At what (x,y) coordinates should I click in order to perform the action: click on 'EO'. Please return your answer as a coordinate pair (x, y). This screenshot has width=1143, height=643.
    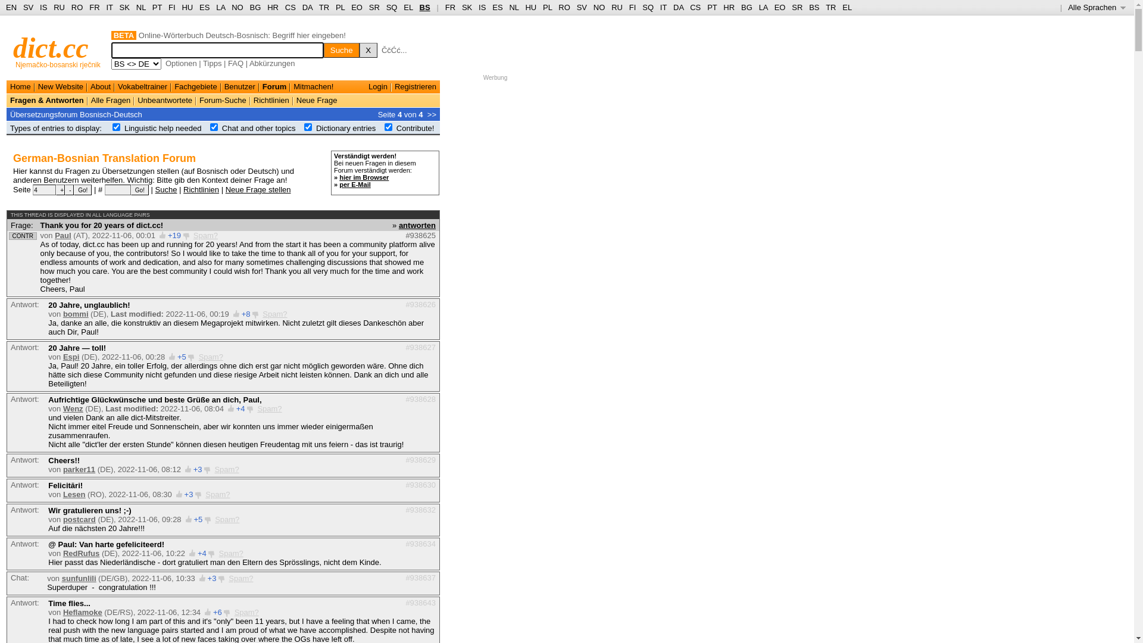
    Looking at the image, I should click on (356, 7).